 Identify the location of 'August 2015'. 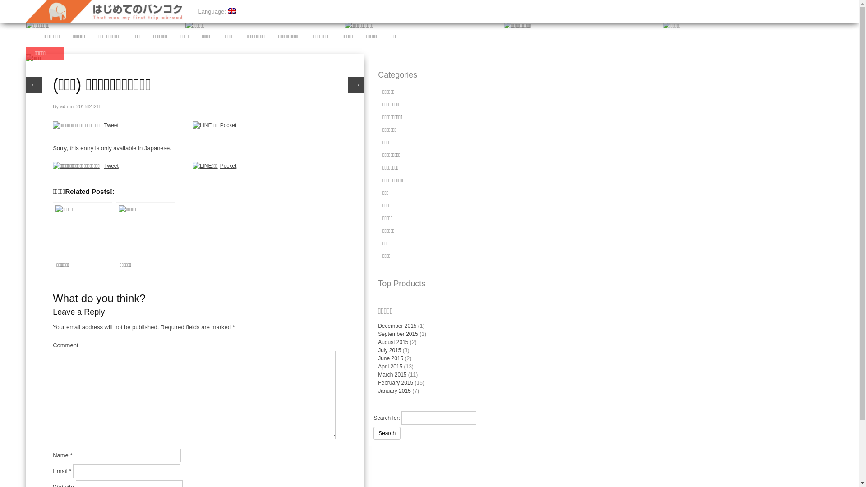
(393, 342).